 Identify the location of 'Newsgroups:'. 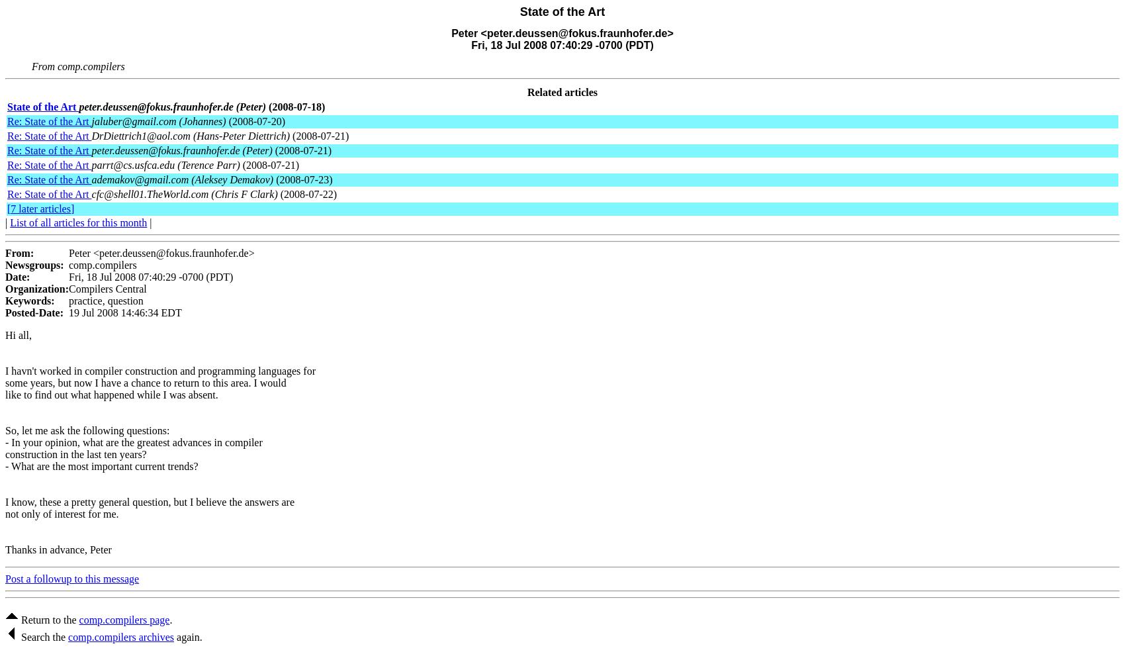
(34, 264).